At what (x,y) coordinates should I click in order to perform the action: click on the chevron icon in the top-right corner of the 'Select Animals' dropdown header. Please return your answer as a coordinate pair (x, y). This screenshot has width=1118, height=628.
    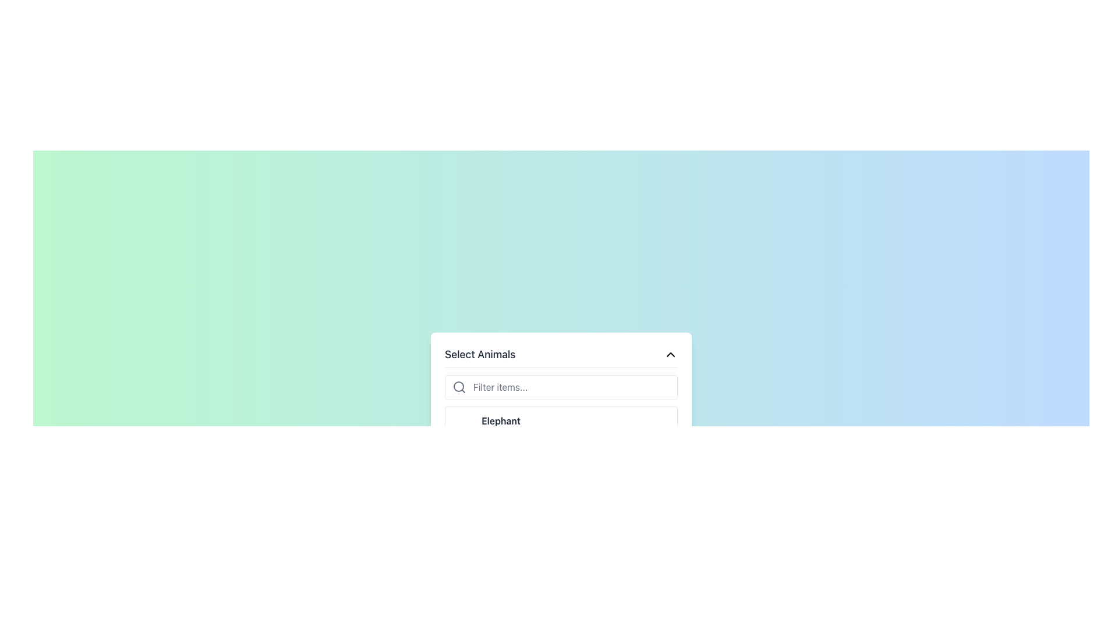
    Looking at the image, I should click on (671, 354).